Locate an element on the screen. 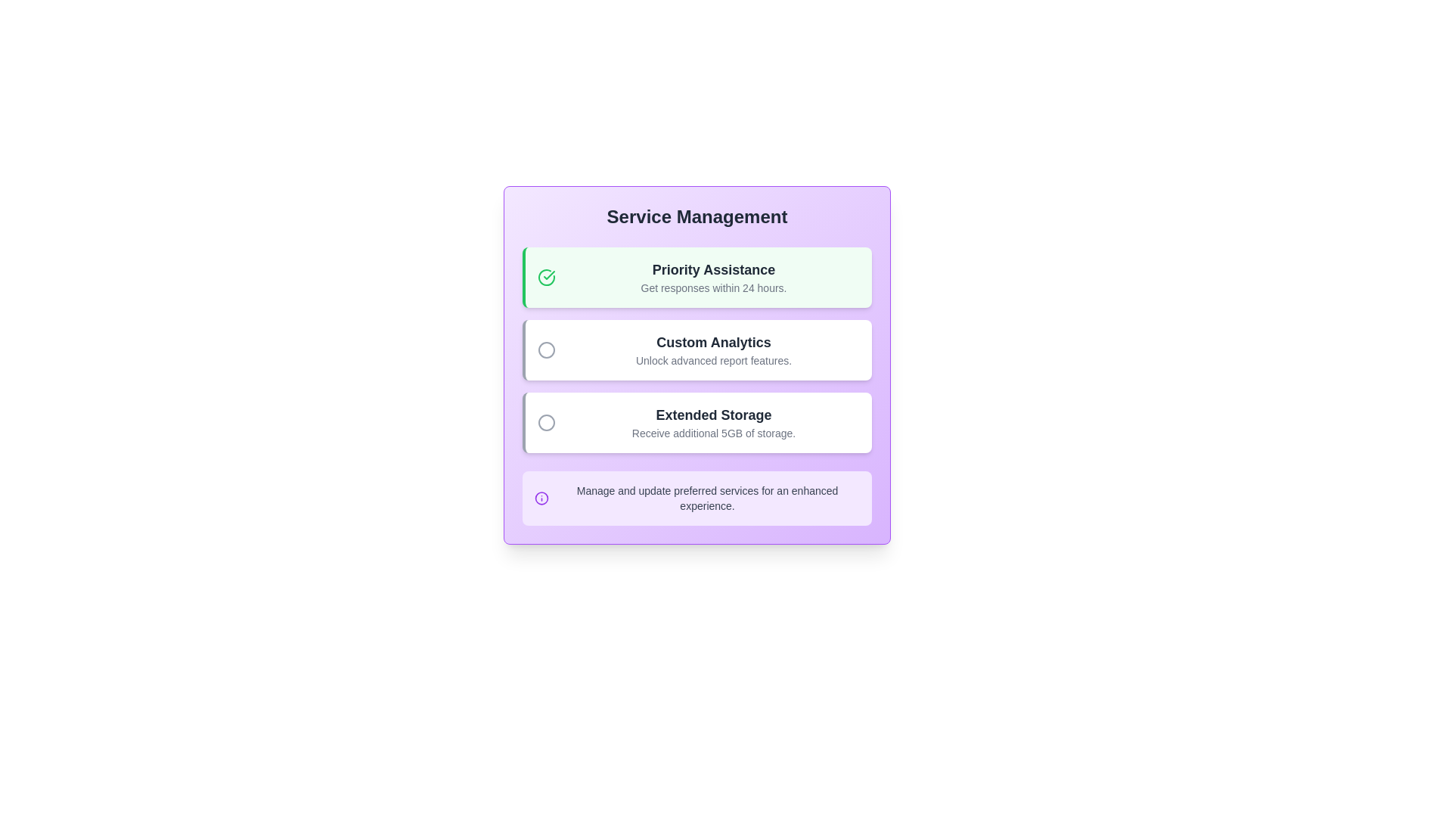 This screenshot has width=1452, height=817. the text label that reads 'Receive additional 5GB of storage.', which is located below the title 'Extended Storage' in a stacked layout is located at coordinates (713, 433).